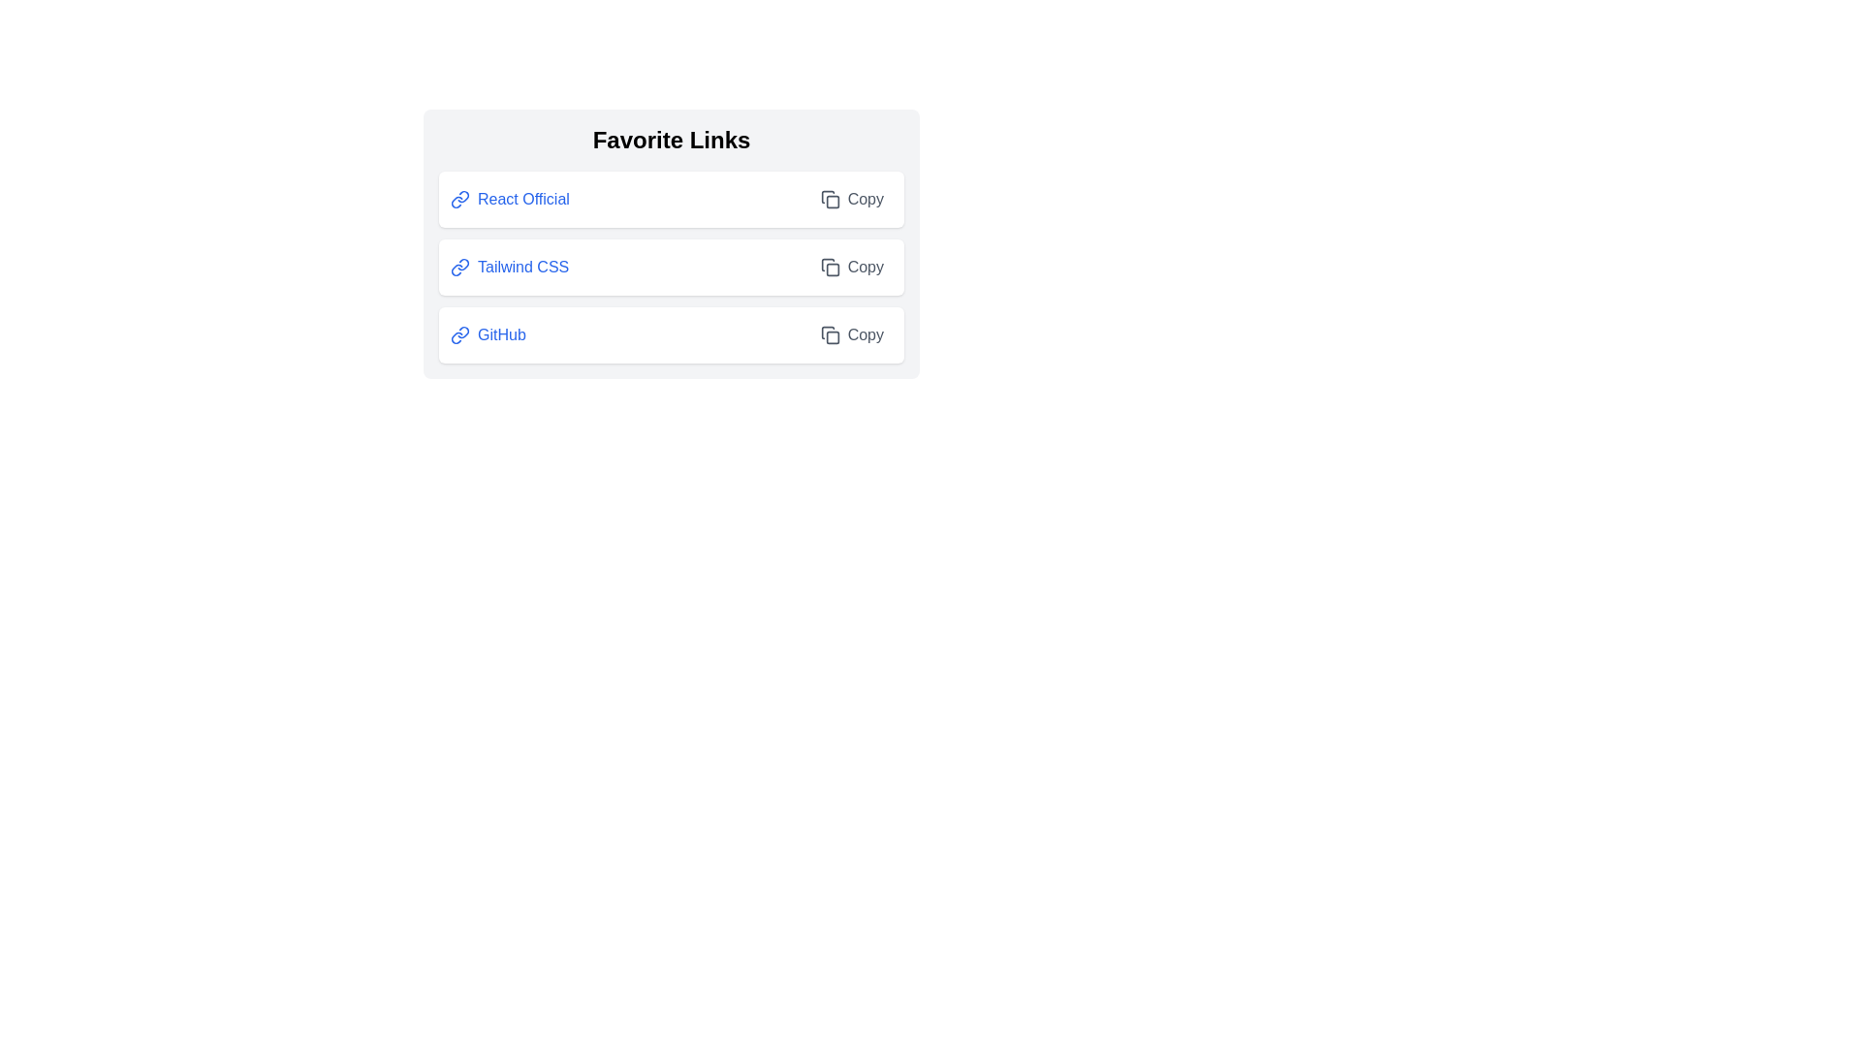  Describe the element at coordinates (865, 268) in the screenshot. I see `the 'Copy' text element within the second button, which is located to the right of the 'Tailwind CSS' link in a vertical list` at that location.